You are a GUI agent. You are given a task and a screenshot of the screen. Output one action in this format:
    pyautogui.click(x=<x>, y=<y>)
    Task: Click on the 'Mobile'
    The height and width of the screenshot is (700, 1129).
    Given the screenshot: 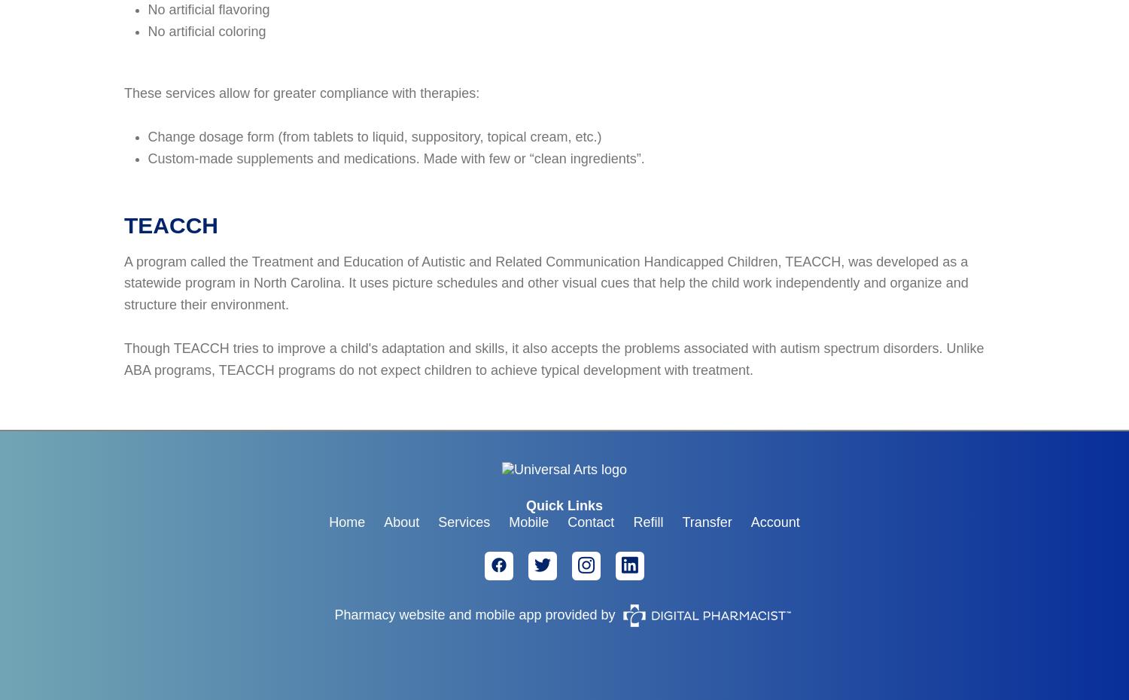 What is the action you would take?
    pyautogui.click(x=528, y=521)
    